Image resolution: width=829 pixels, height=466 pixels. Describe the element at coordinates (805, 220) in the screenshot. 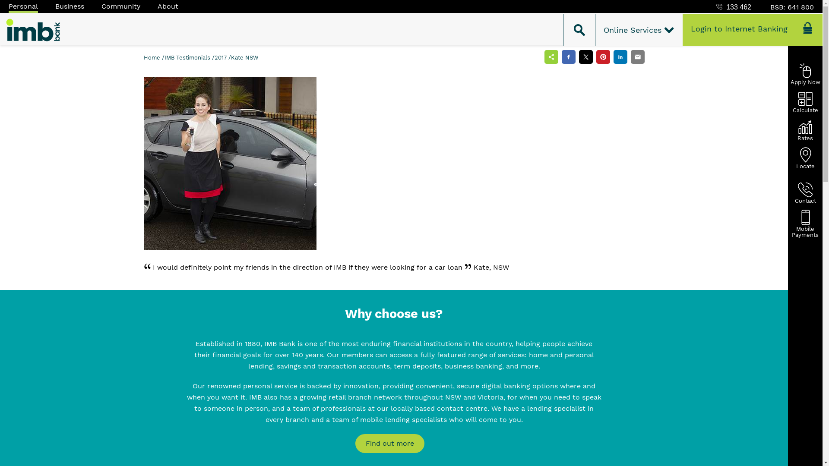

I see `'Mobile Payments'` at that location.